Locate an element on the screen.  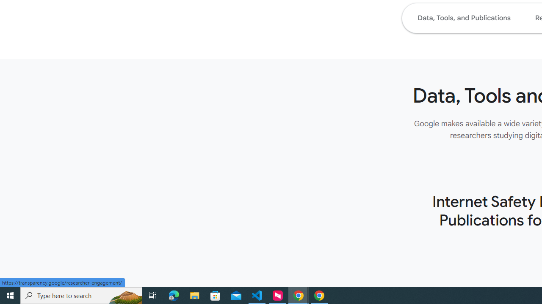
'Data, Tools, and Publications' is located at coordinates (463, 18).